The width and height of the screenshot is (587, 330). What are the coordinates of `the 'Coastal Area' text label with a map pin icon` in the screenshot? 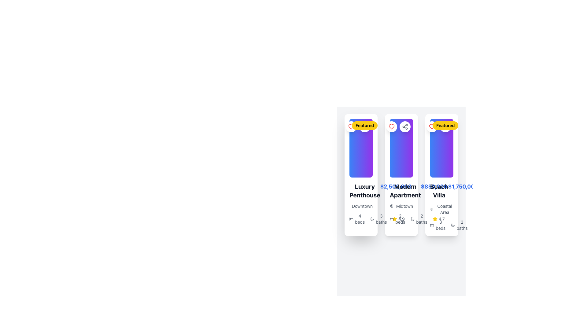 It's located at (441, 209).